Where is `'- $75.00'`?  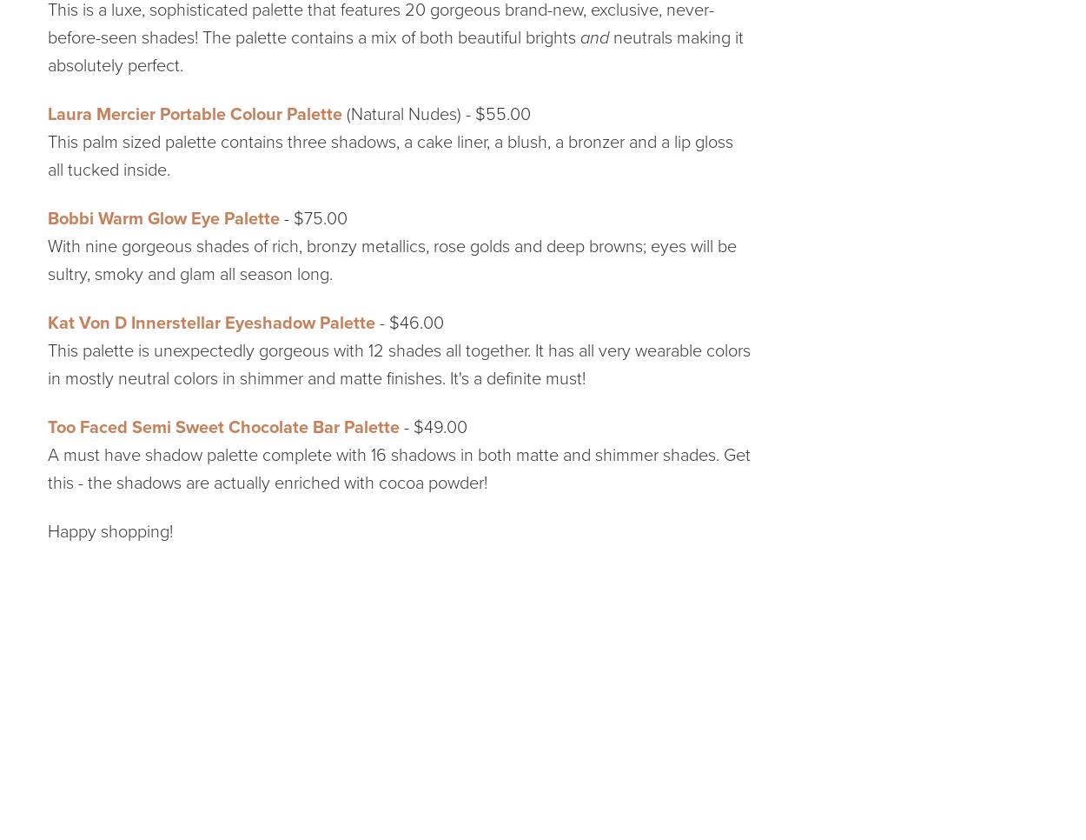 '- $75.00' is located at coordinates (279, 217).